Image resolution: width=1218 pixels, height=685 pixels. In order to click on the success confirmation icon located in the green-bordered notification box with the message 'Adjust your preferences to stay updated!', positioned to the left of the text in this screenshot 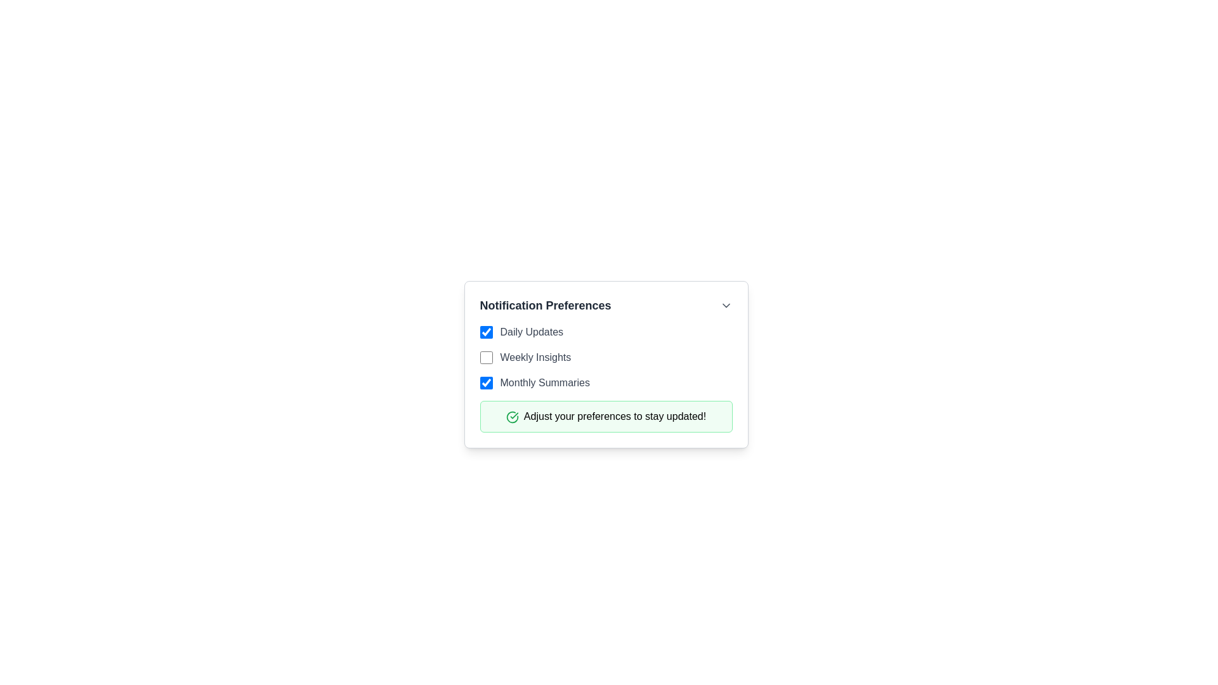, I will do `click(512, 417)`.